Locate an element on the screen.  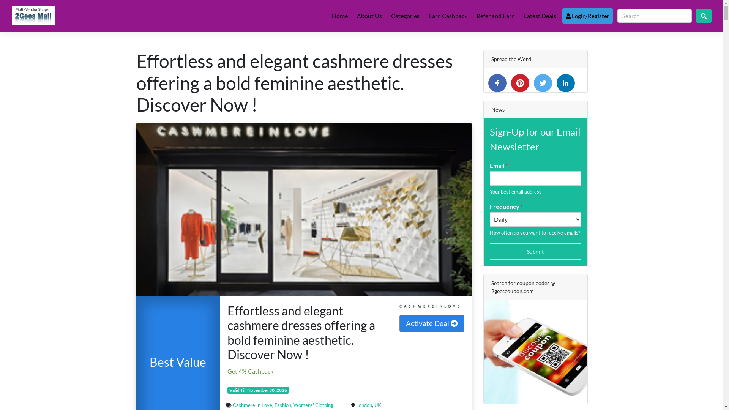
'Cashmere In Love' is located at coordinates (252, 405).